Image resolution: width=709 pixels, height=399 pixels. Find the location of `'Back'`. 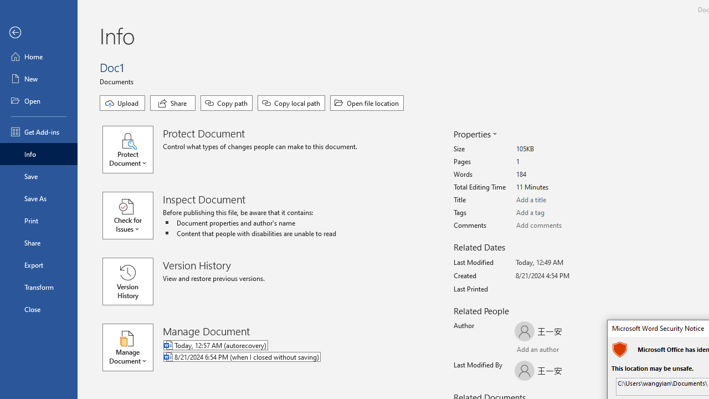

'Back' is located at coordinates (38, 32).